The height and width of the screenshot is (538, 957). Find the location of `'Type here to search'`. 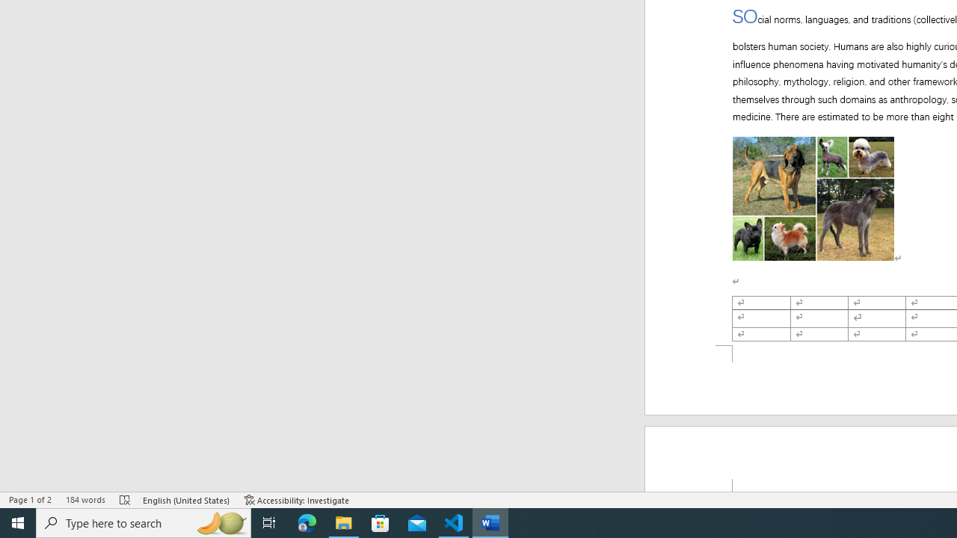

'Type here to search' is located at coordinates (144, 522).